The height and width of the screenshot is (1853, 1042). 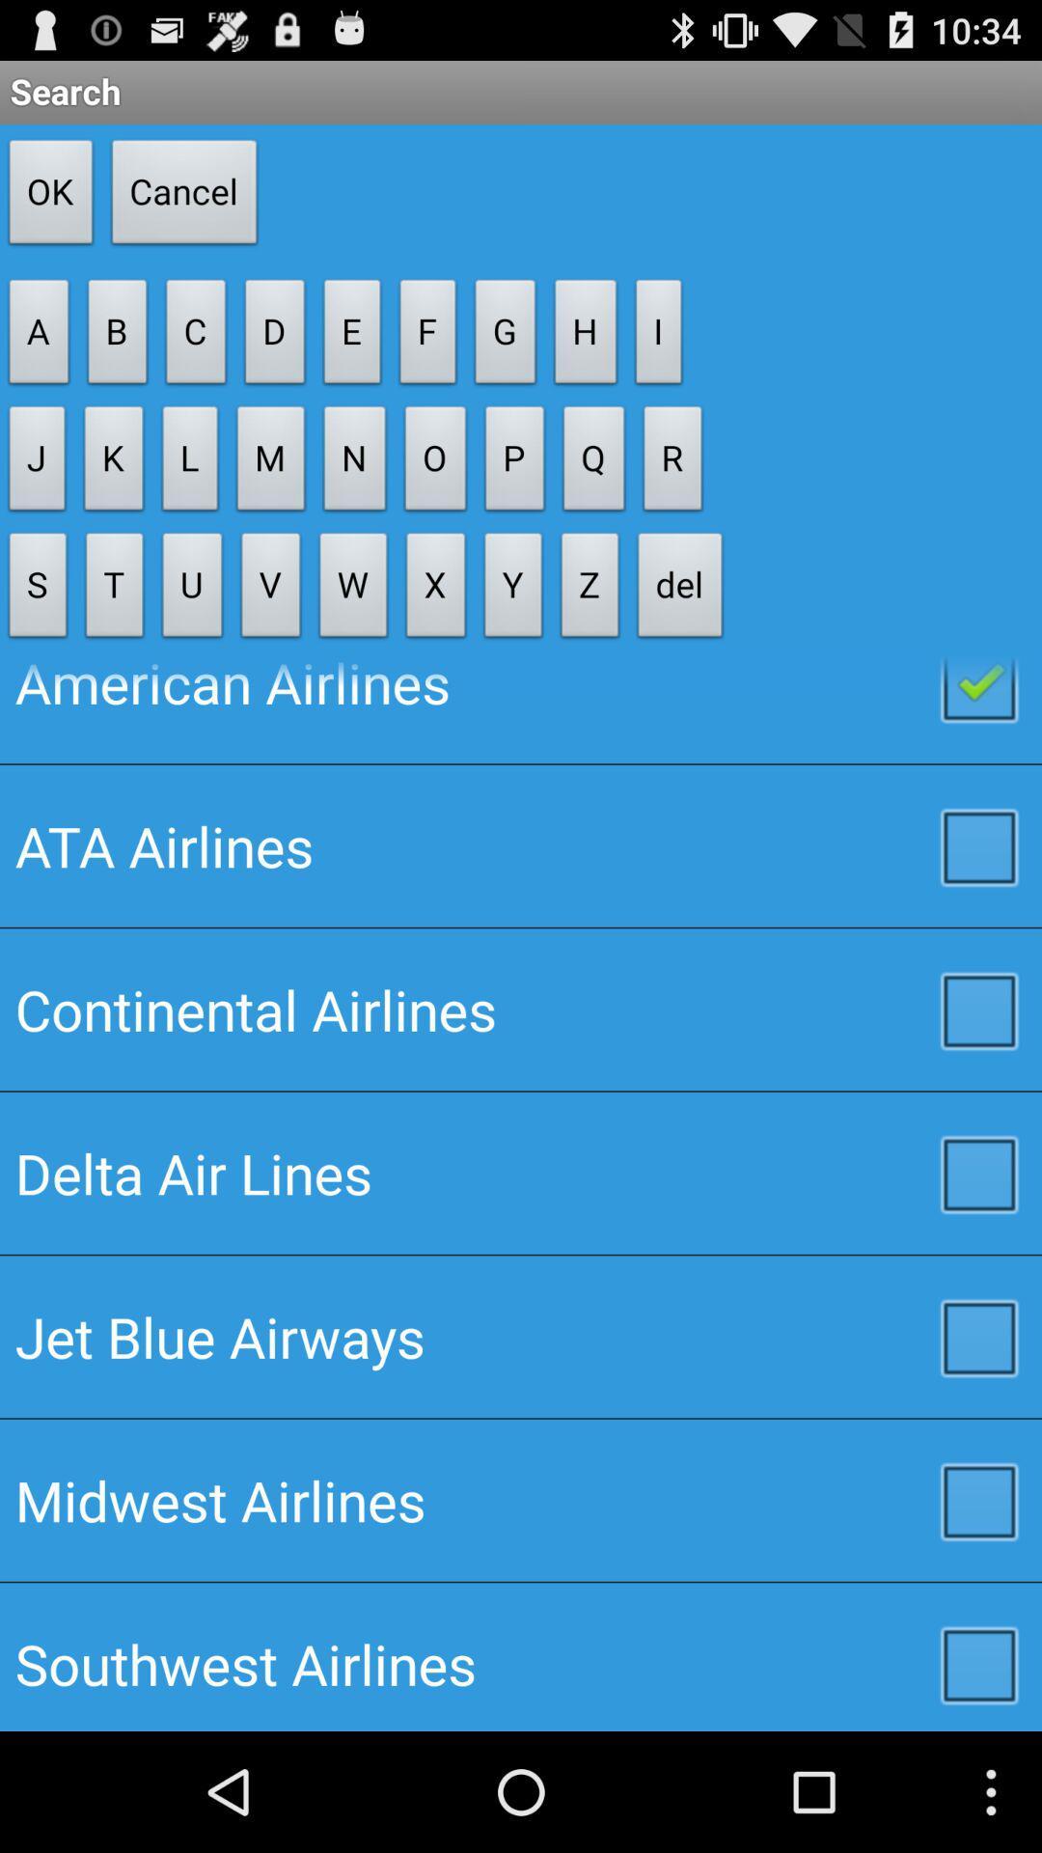 What do you see at coordinates (521, 1336) in the screenshot?
I see `the icon above midwest airlines` at bounding box center [521, 1336].